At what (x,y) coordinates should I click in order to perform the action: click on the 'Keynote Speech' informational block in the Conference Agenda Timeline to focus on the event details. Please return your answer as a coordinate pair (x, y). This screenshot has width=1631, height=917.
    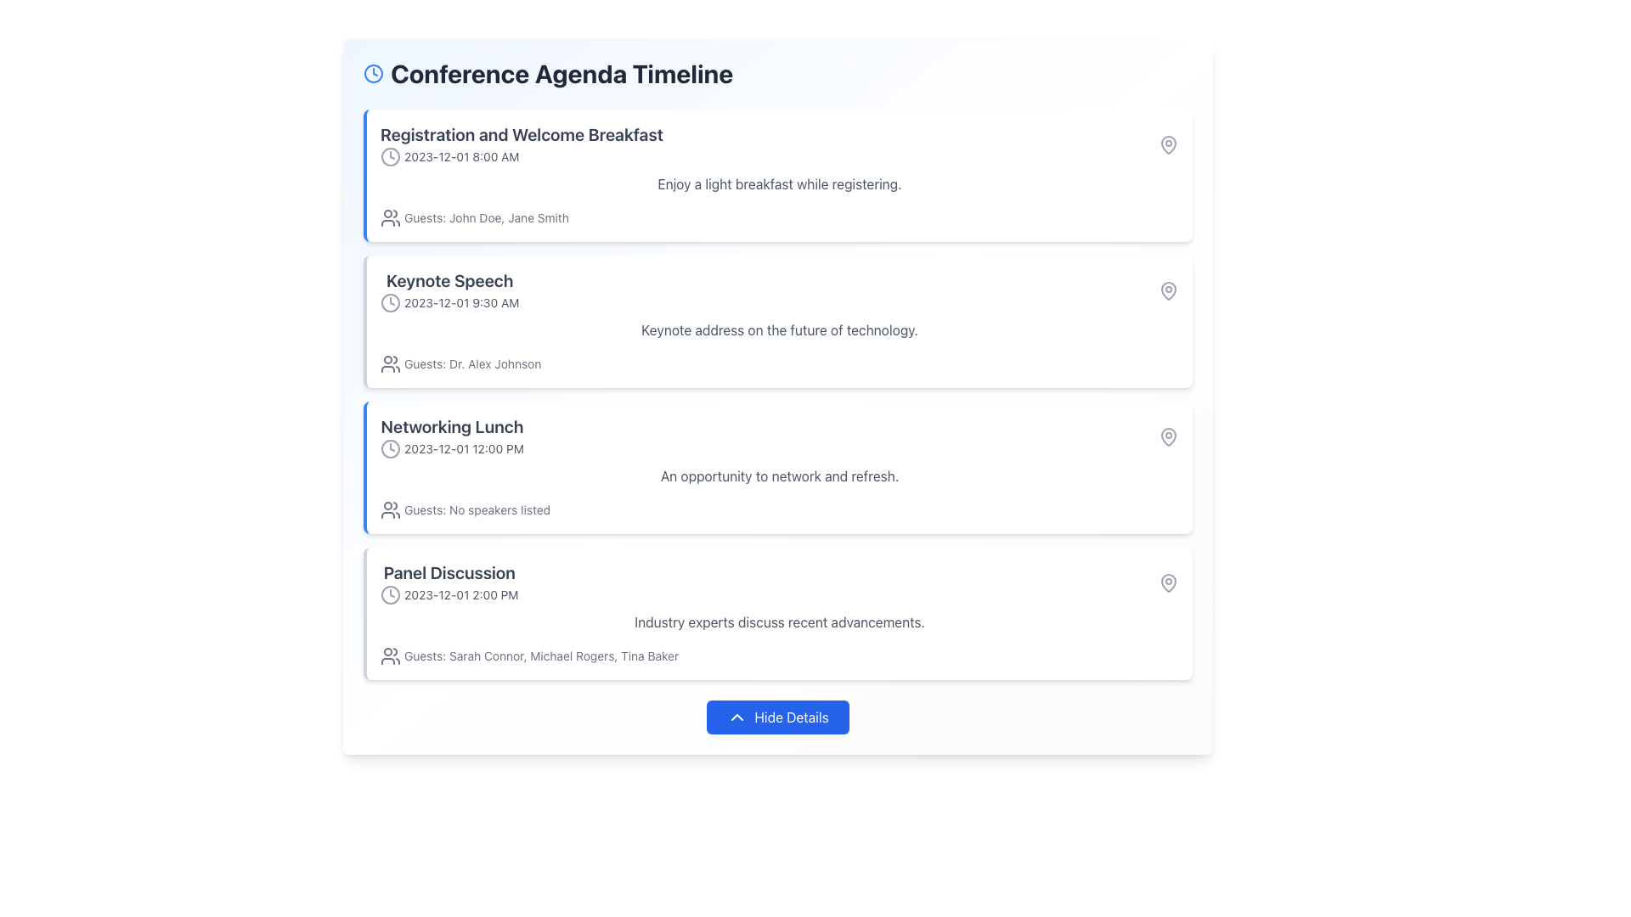
    Looking at the image, I should click on (778, 290).